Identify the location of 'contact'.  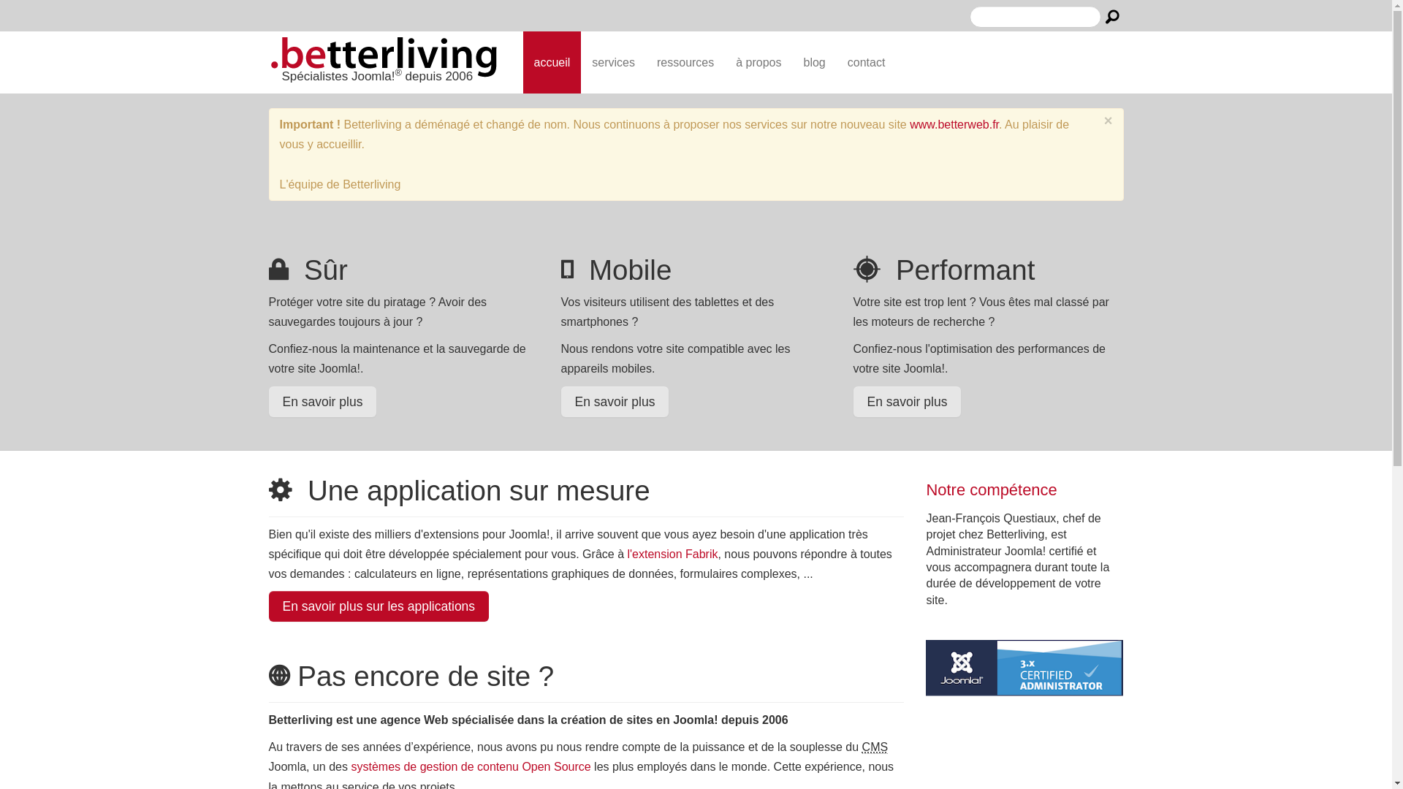
(866, 61).